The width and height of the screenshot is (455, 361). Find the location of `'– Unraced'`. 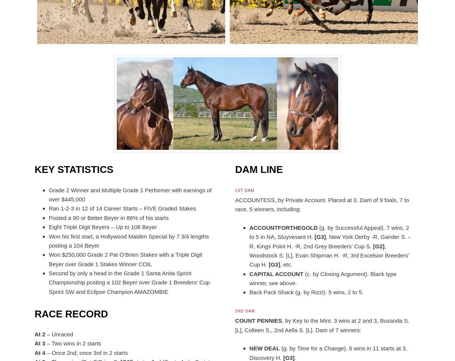

'– Unraced' is located at coordinates (58, 334).